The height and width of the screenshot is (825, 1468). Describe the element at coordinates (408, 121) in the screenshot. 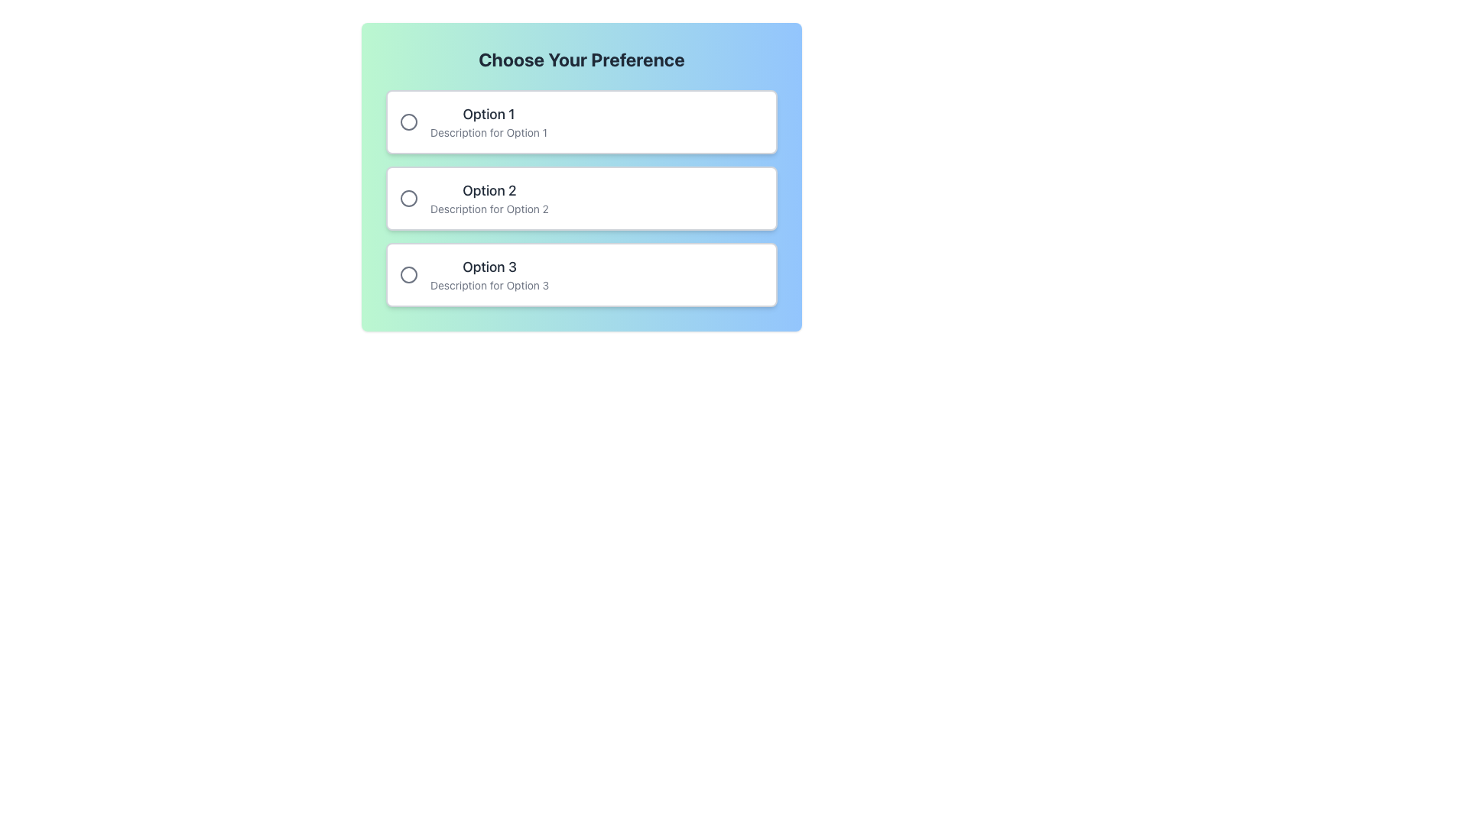

I see `the circular icon styled as an outlined circle with a gray border, which is adjacent to the text 'Option 1'` at that location.